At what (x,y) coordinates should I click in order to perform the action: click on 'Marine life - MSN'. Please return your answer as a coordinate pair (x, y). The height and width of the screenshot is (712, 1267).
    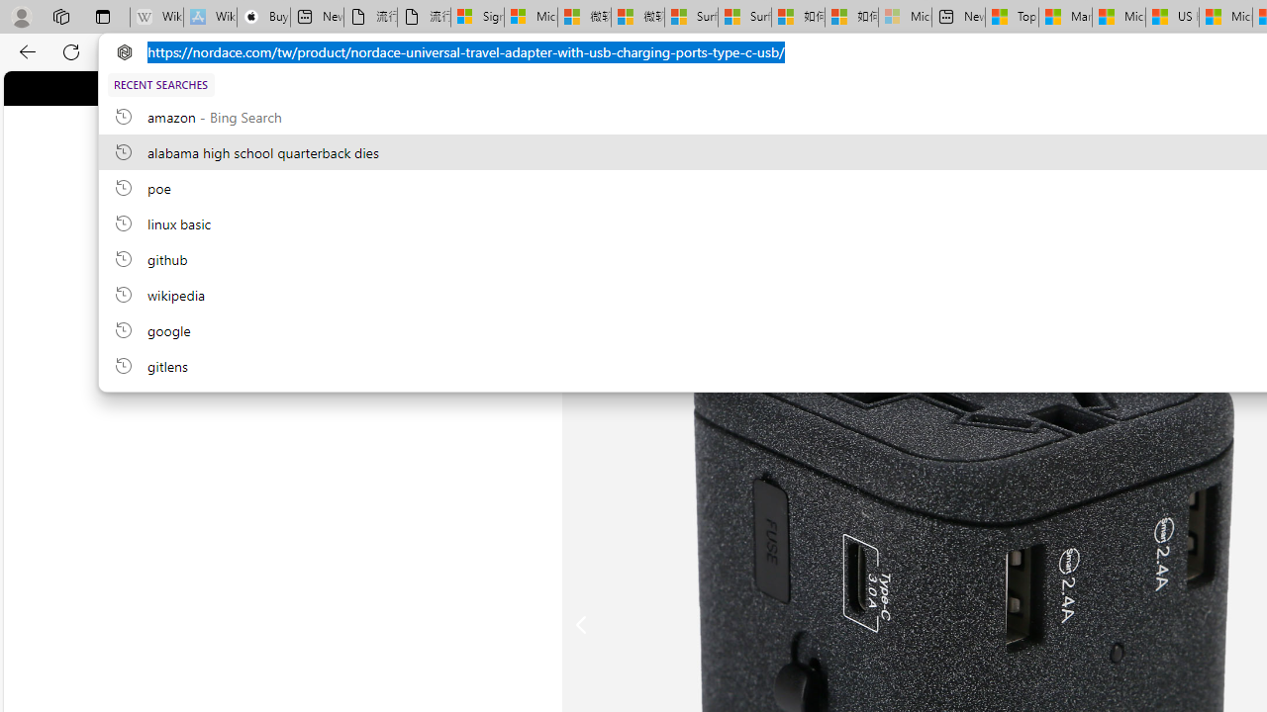
    Looking at the image, I should click on (1064, 17).